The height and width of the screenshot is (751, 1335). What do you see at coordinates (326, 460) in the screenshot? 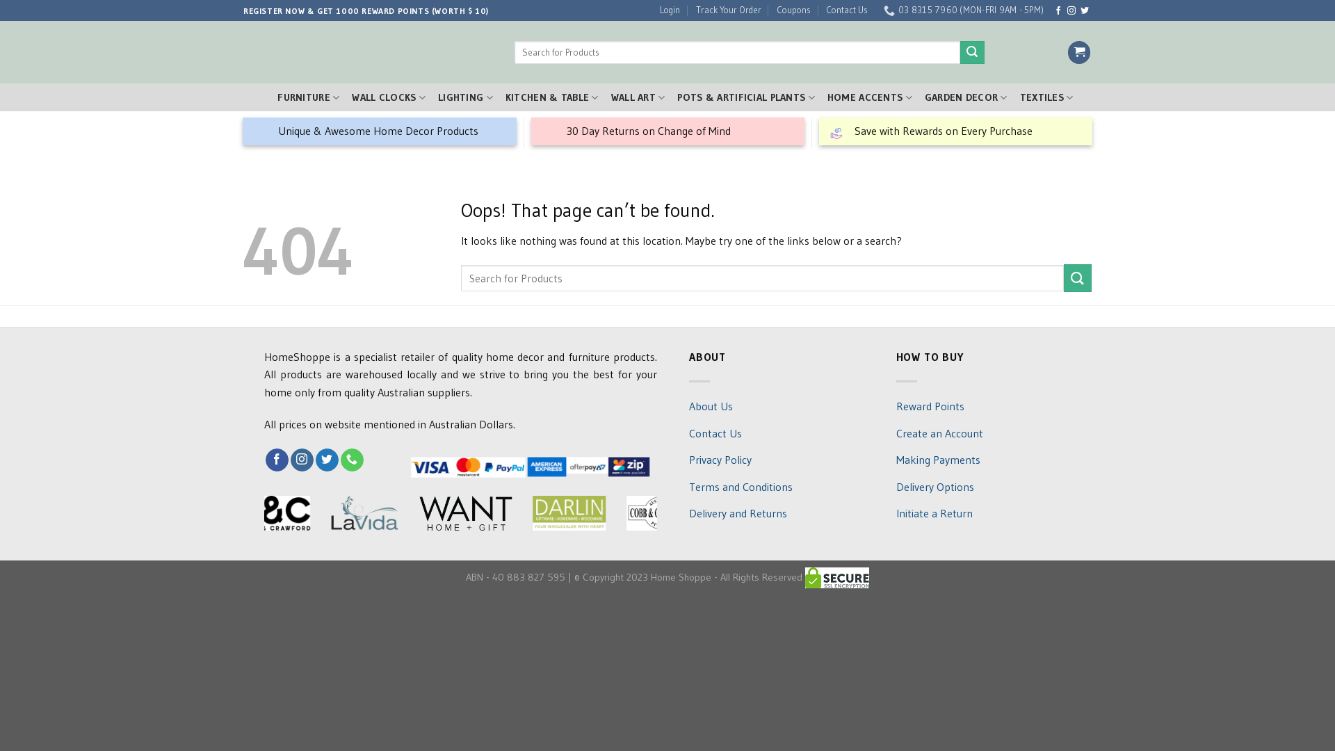
I see `'Follow on Twitter'` at bounding box center [326, 460].